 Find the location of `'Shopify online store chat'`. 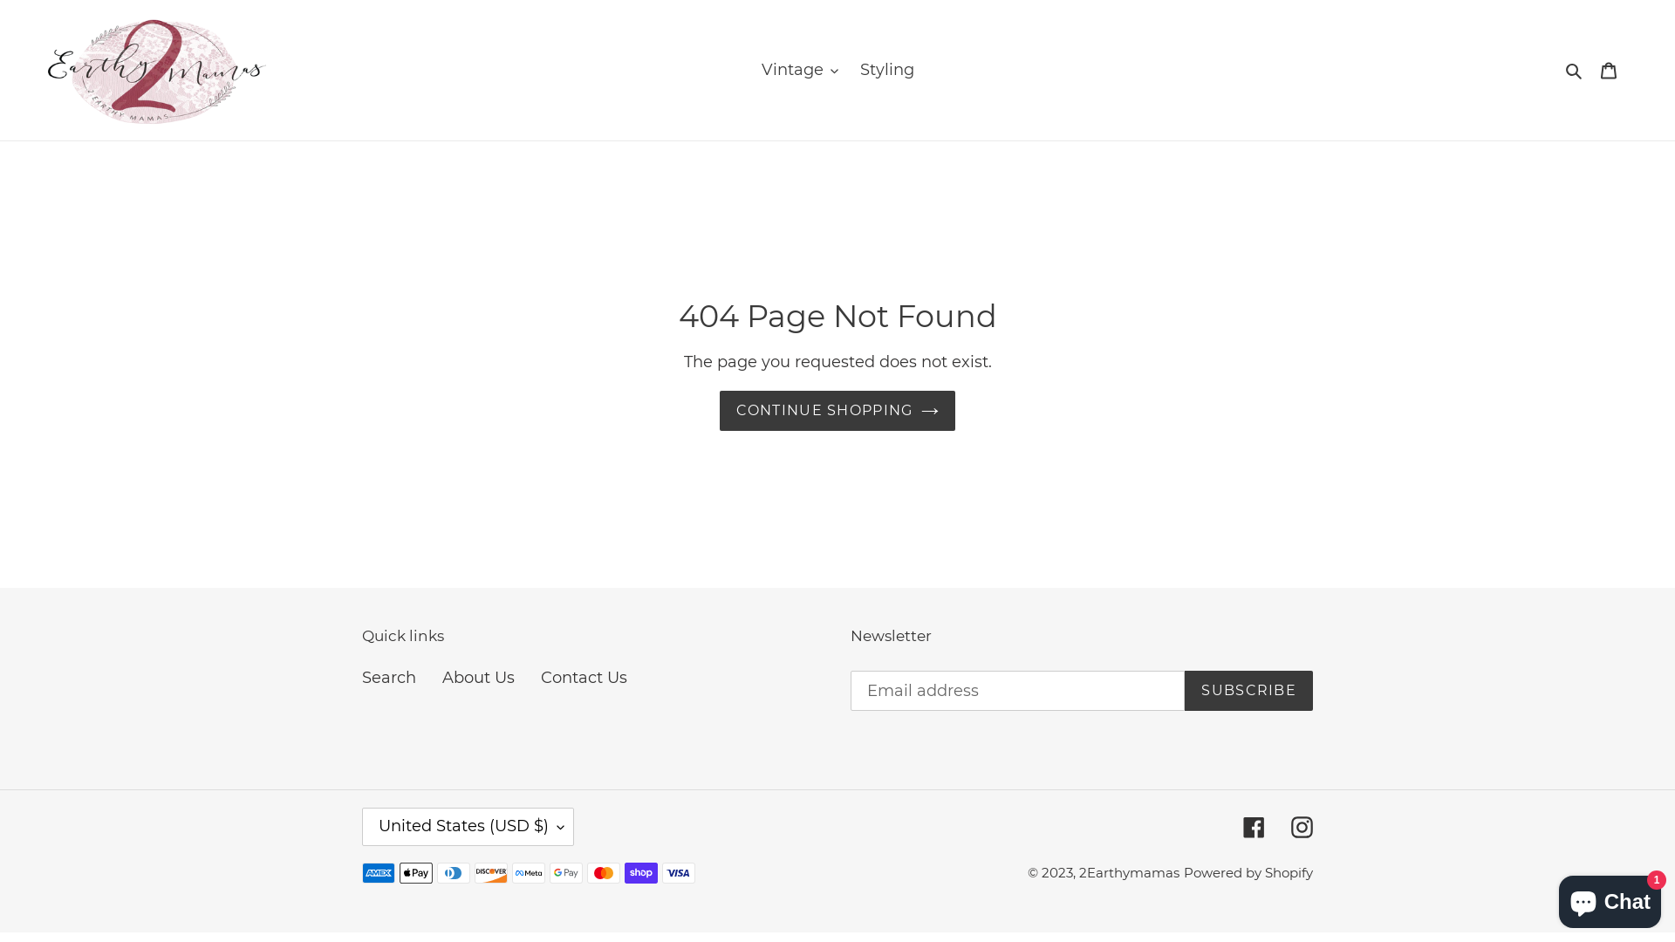

'Shopify online store chat' is located at coordinates (1609, 898).